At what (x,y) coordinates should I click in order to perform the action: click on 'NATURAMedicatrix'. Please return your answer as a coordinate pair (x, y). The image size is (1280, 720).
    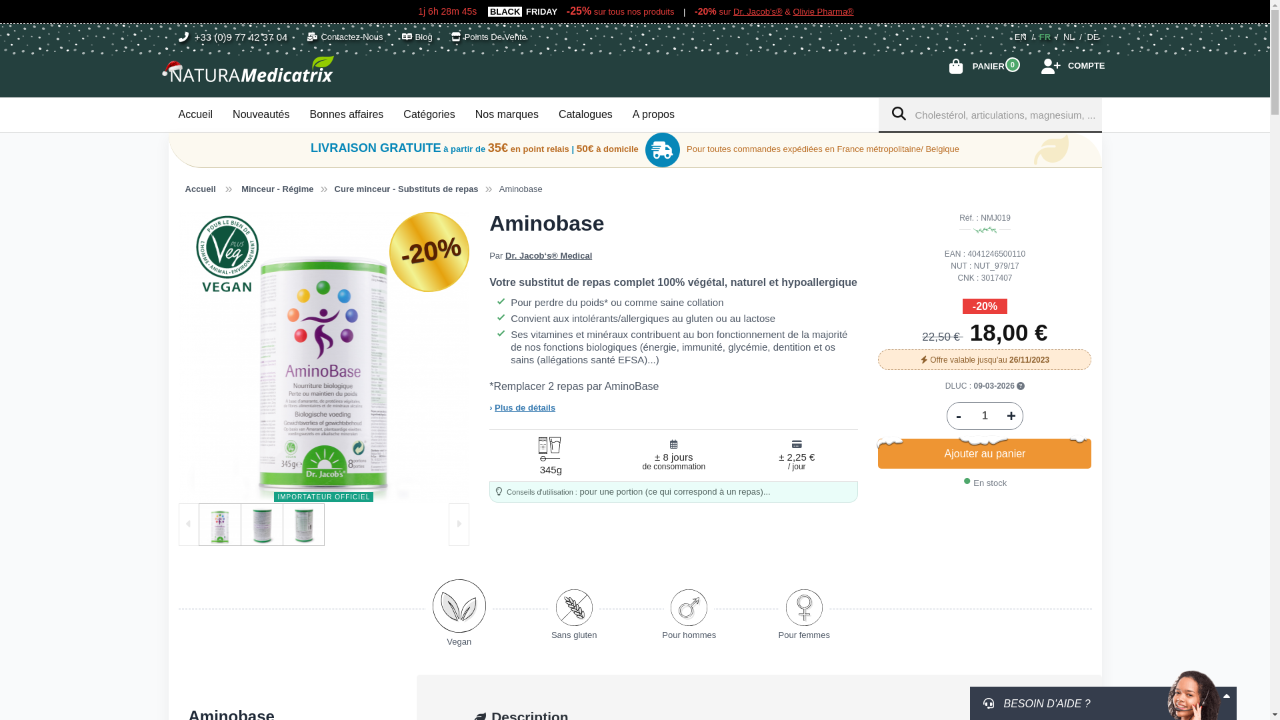
    Looking at the image, I should click on (249, 69).